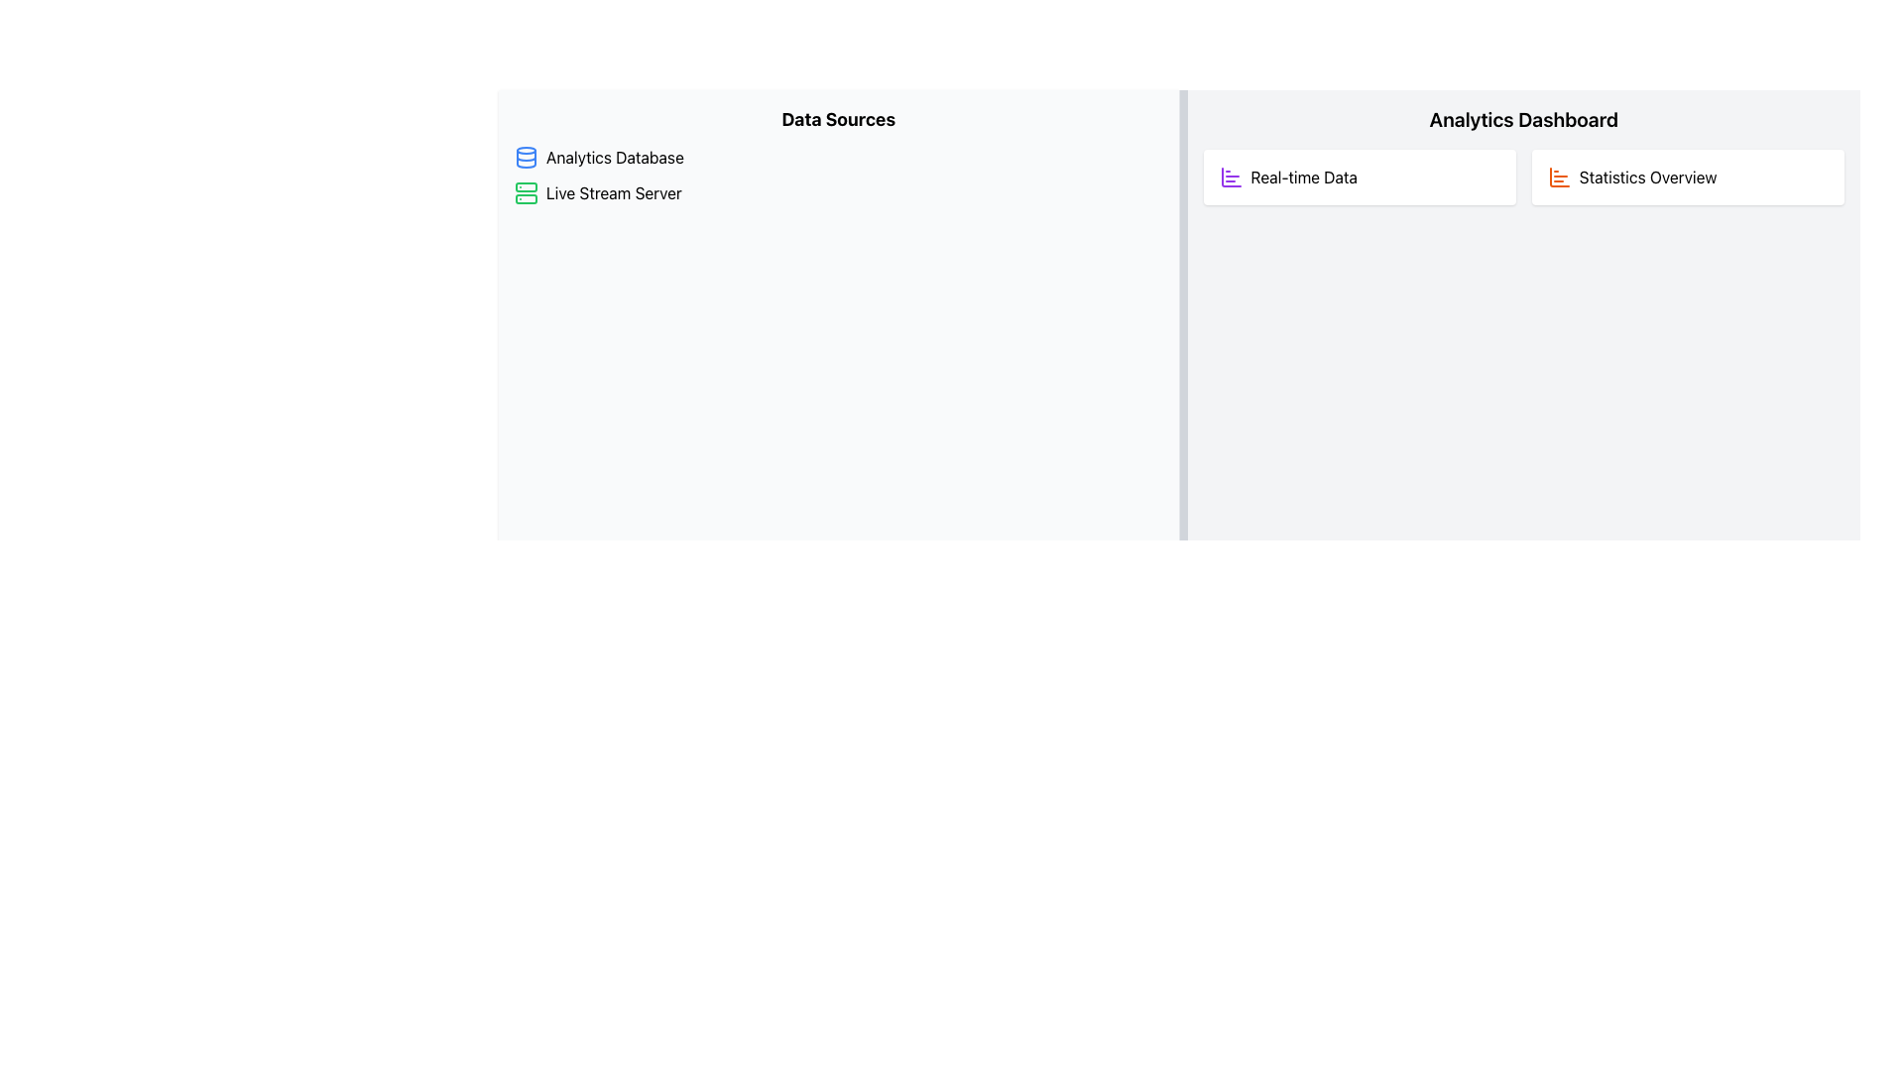 The image size is (1904, 1071). What do you see at coordinates (527, 187) in the screenshot?
I see `the upper rectangular shape of the server icon, which is outlined in green and located next to the 'Live Stream Server' text under the 'Data Sources' heading` at bounding box center [527, 187].